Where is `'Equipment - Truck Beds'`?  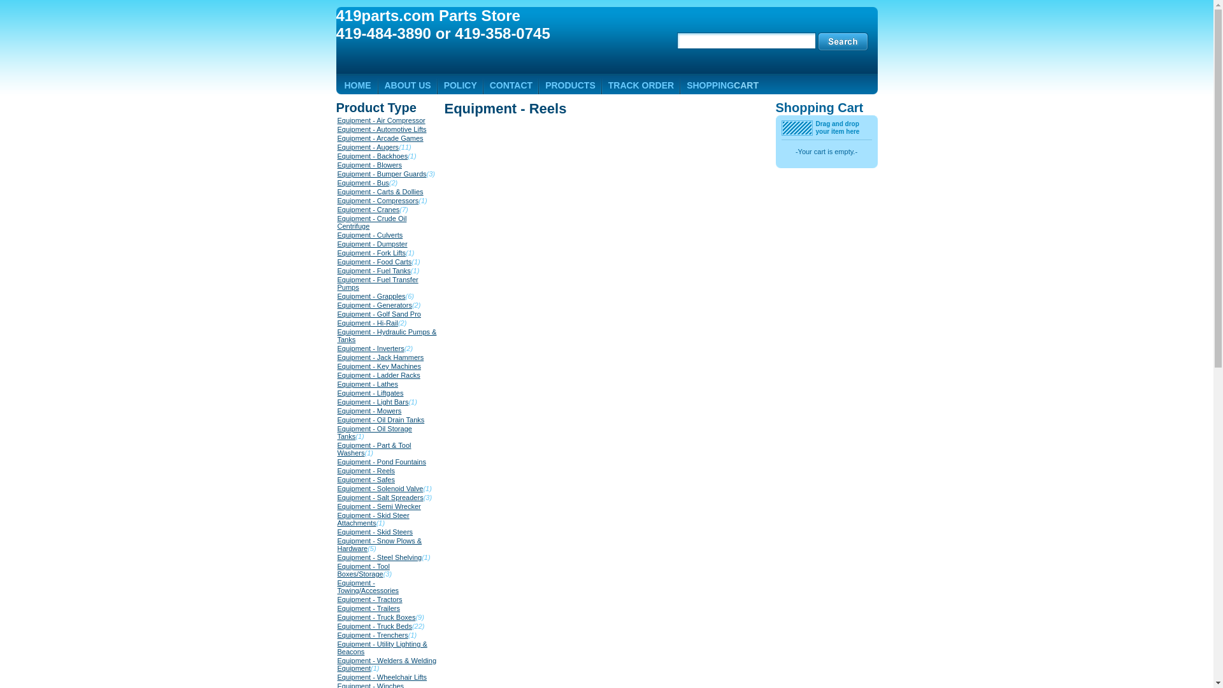 'Equipment - Truck Beds' is located at coordinates (337, 626).